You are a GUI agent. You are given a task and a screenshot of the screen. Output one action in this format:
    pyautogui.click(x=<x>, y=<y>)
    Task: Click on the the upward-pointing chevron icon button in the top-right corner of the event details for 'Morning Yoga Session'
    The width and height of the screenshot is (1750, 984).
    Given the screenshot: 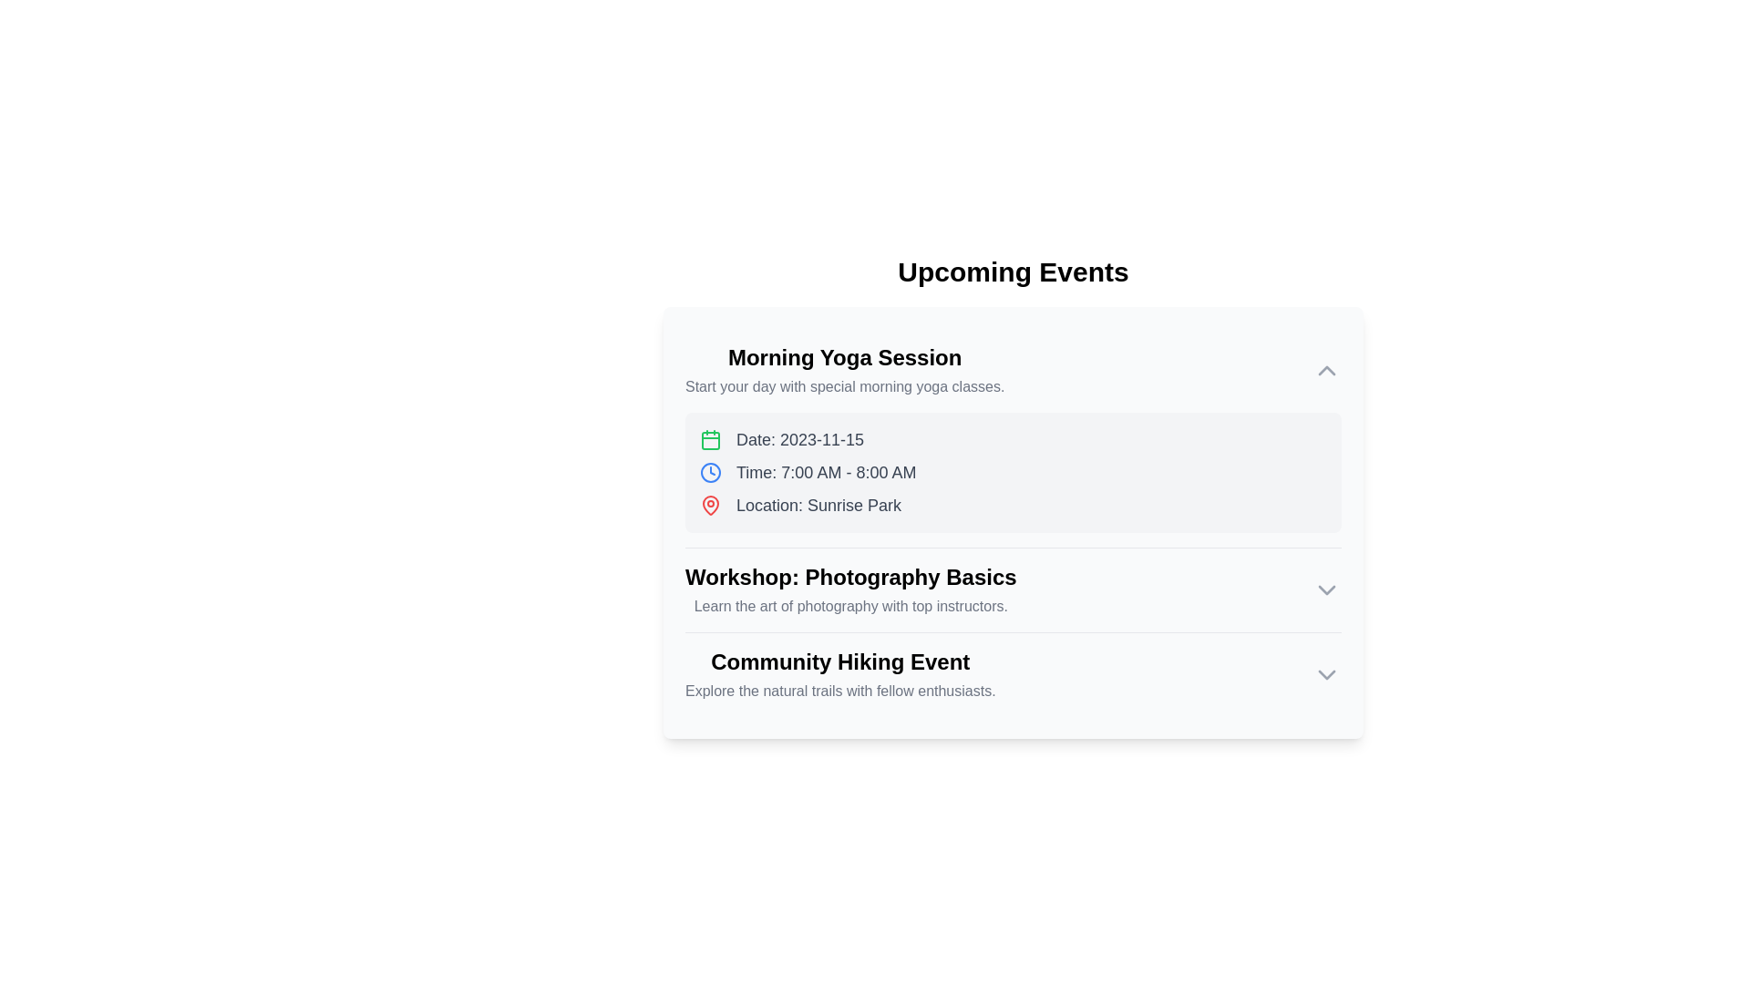 What is the action you would take?
    pyautogui.click(x=1326, y=370)
    